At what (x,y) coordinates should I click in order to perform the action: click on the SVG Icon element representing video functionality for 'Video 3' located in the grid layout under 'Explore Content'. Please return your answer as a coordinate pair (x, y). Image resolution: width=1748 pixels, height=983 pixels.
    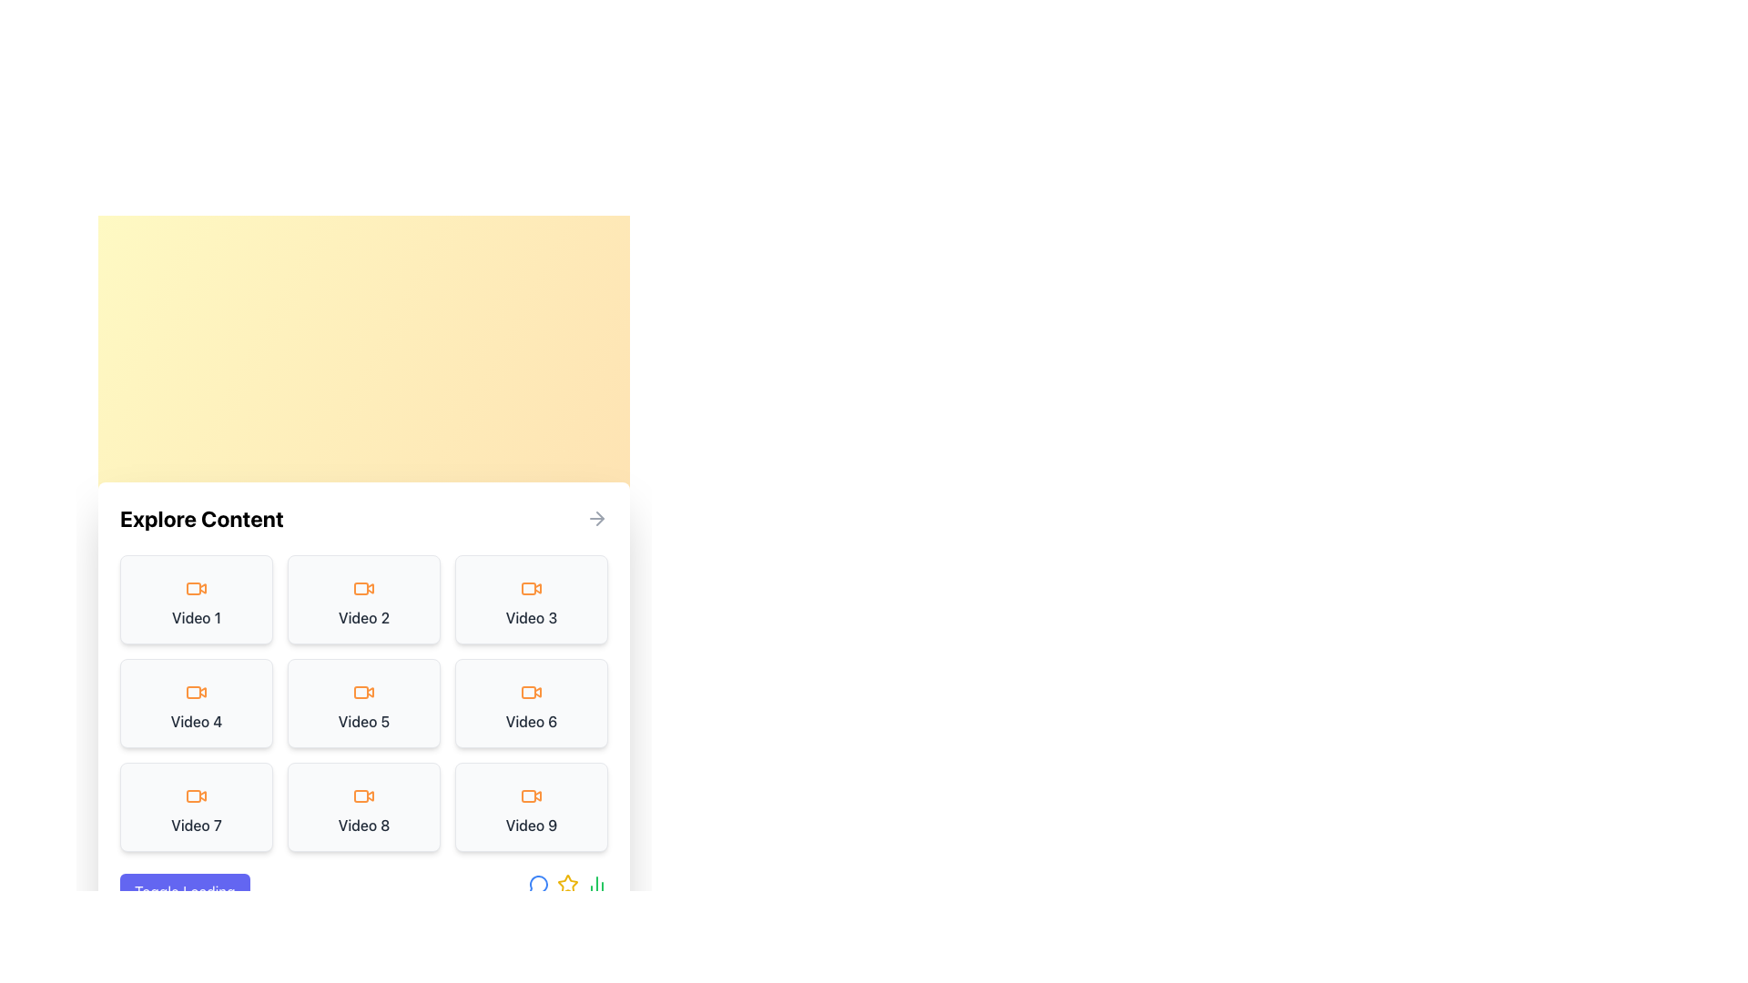
    Looking at the image, I should click on (527, 589).